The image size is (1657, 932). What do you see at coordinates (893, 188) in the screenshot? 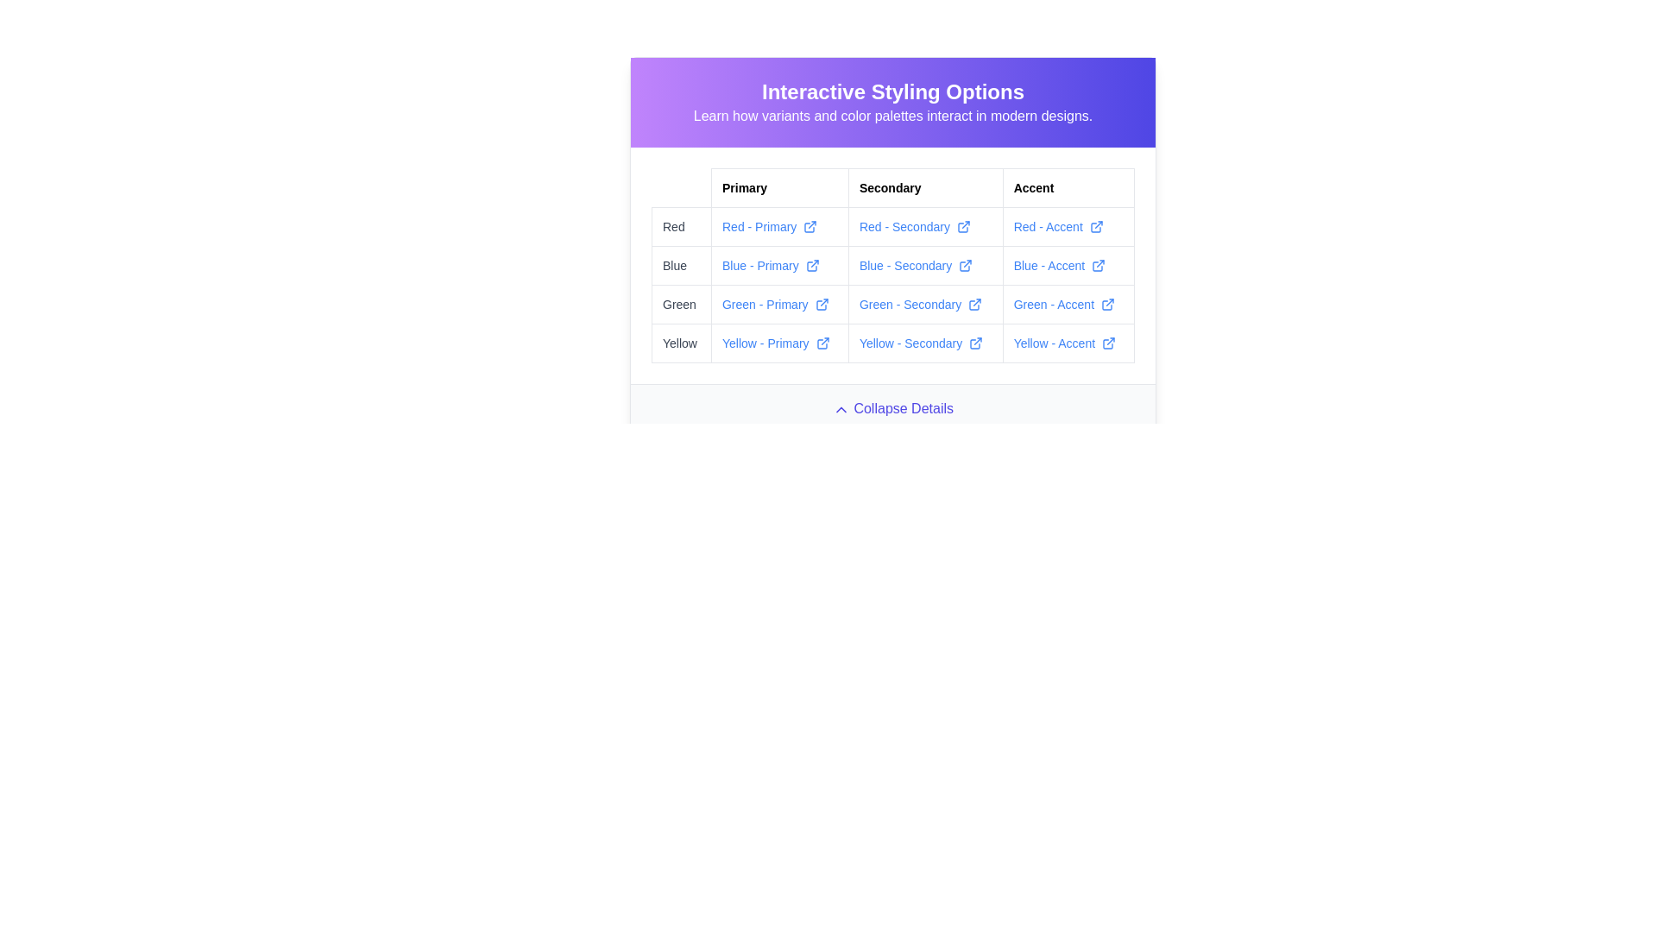
I see `the Table Header Row that categorizes the data in the subsequent rows of the table` at bounding box center [893, 188].